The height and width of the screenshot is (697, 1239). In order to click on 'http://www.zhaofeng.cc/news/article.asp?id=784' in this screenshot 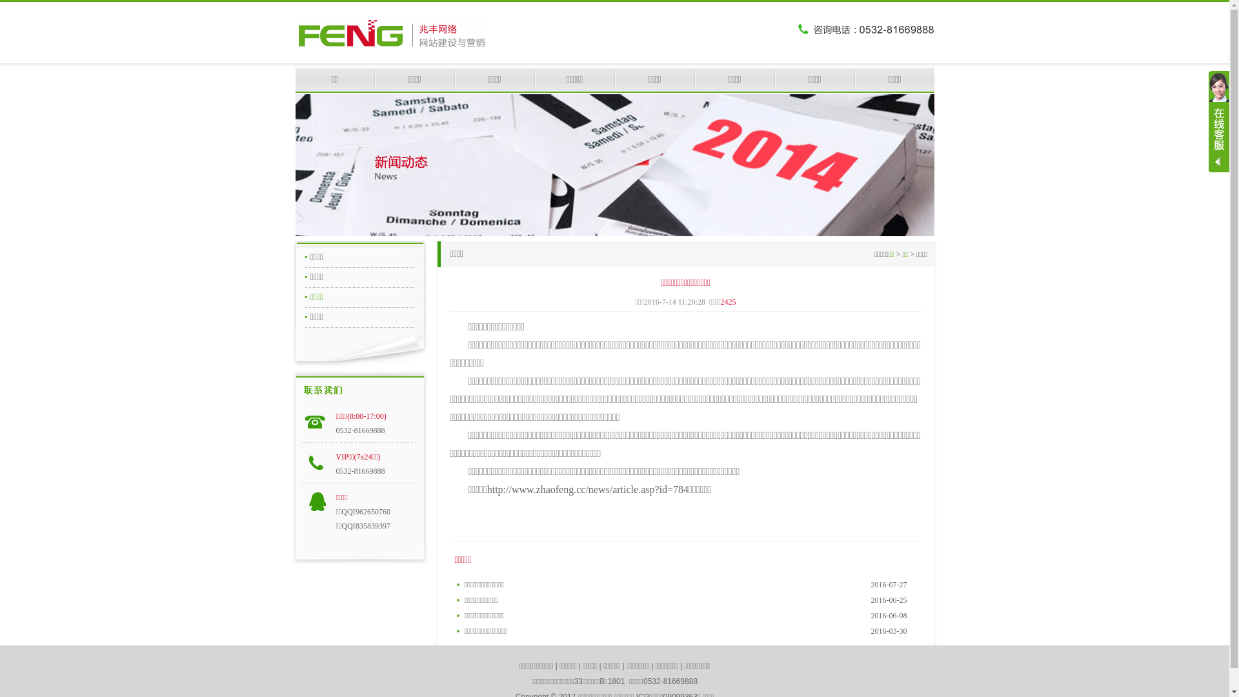, I will do `click(587, 489)`.